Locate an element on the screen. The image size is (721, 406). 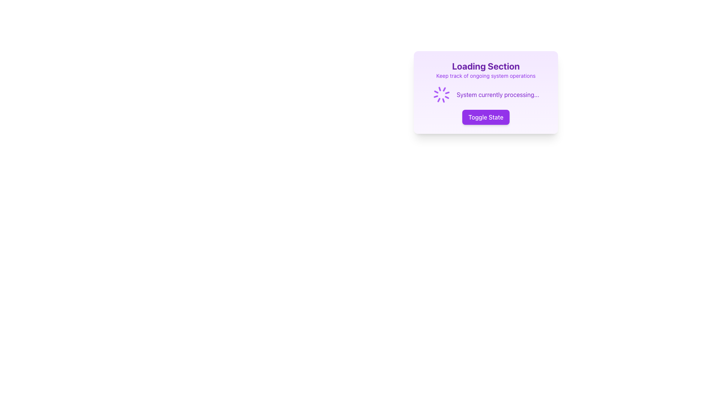
text displayed in the 'Loading Section' Text Display, which includes a bold 'Loading Section' and a lighter 'Keep track of ongoing system operations.' is located at coordinates (486, 70).